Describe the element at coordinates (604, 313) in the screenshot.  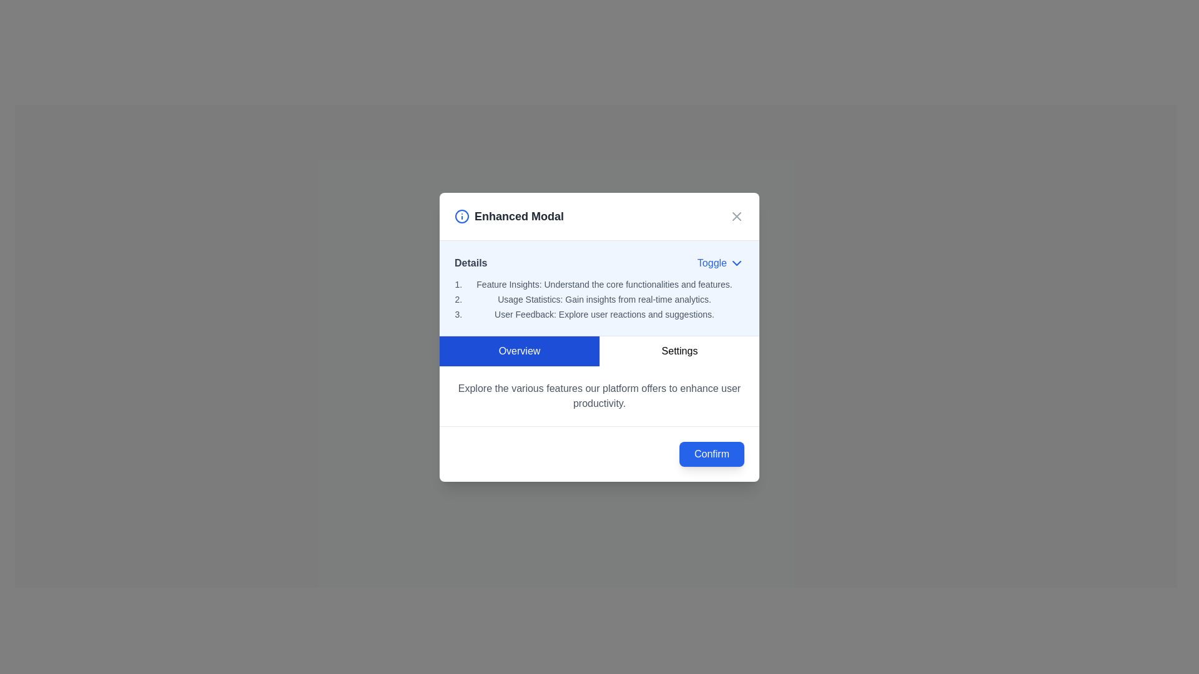
I see `the third text element in the vertical list within the modal dialog under the header 'Details', which summarizes user feedback` at that location.